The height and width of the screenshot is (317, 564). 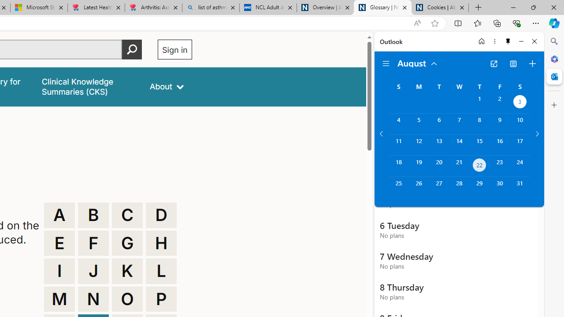 I want to click on 'View Switcher. Current view is Agenda view', so click(x=513, y=63).